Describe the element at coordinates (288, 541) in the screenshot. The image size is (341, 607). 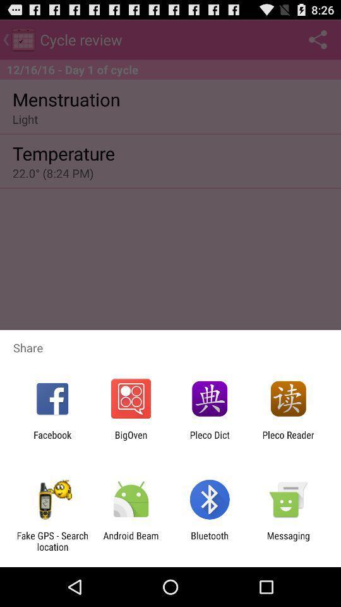
I see `the item next to bluetooth` at that location.